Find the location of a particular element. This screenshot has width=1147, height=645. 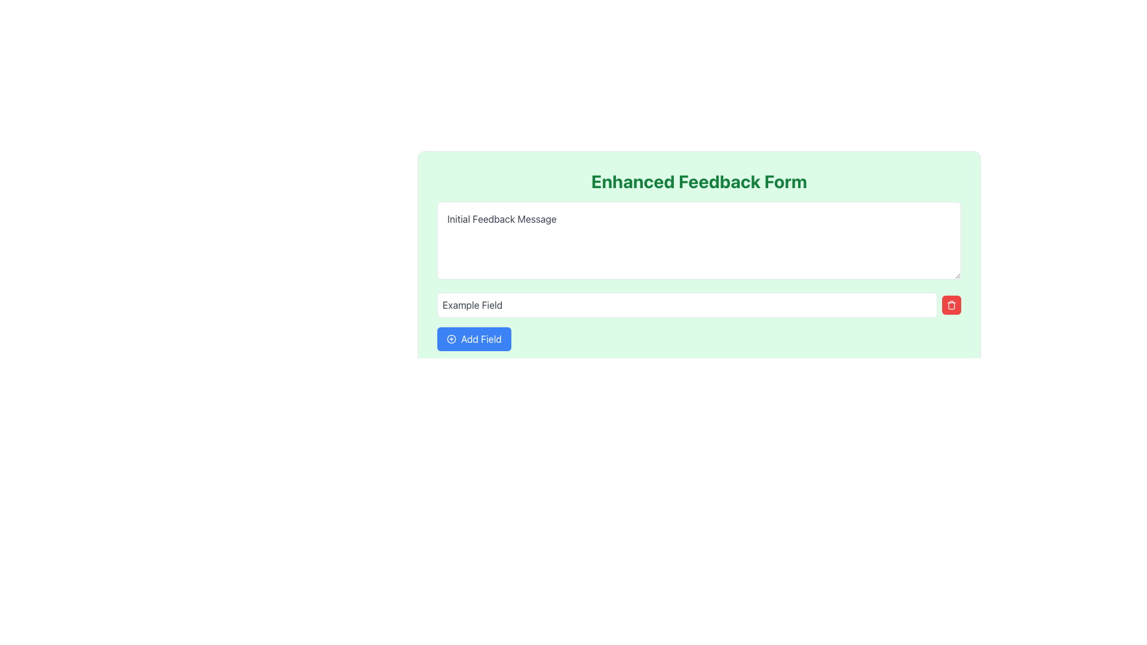

the circular outline of the SVG graphic component, which is centrally positioned within the SVG icon adjacent to the 'Example Field' in the lower right of the form interface is located at coordinates (450, 339).